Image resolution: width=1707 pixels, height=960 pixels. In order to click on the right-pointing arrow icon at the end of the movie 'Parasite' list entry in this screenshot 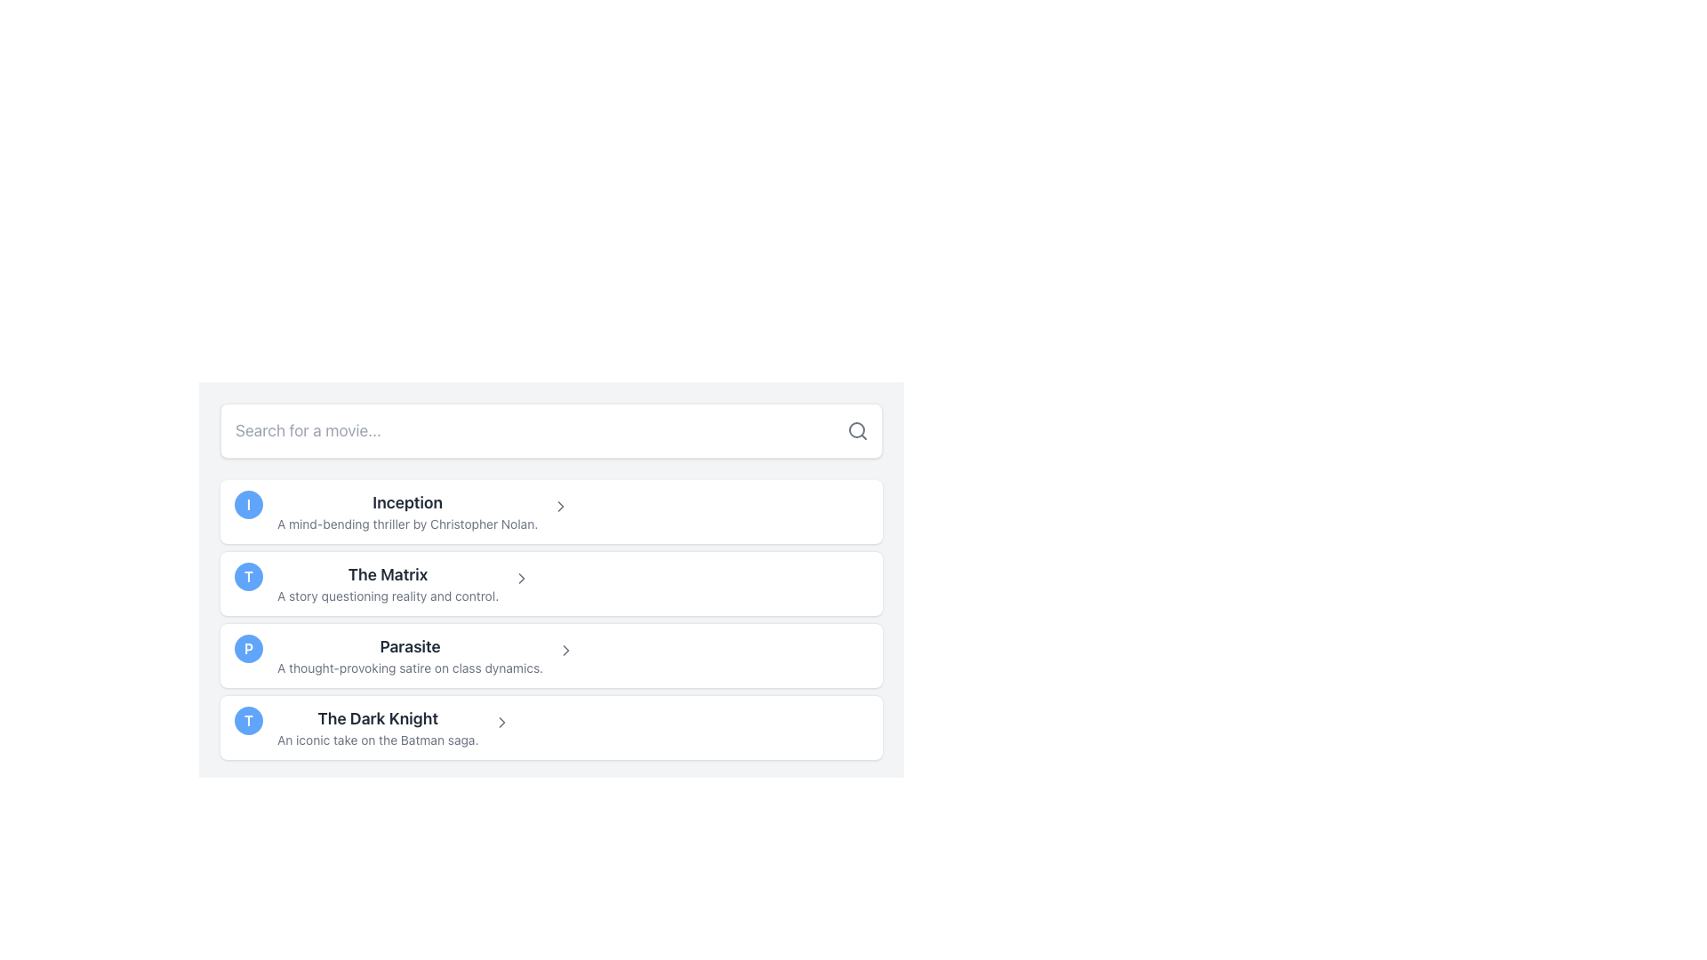, I will do `click(565, 651)`.